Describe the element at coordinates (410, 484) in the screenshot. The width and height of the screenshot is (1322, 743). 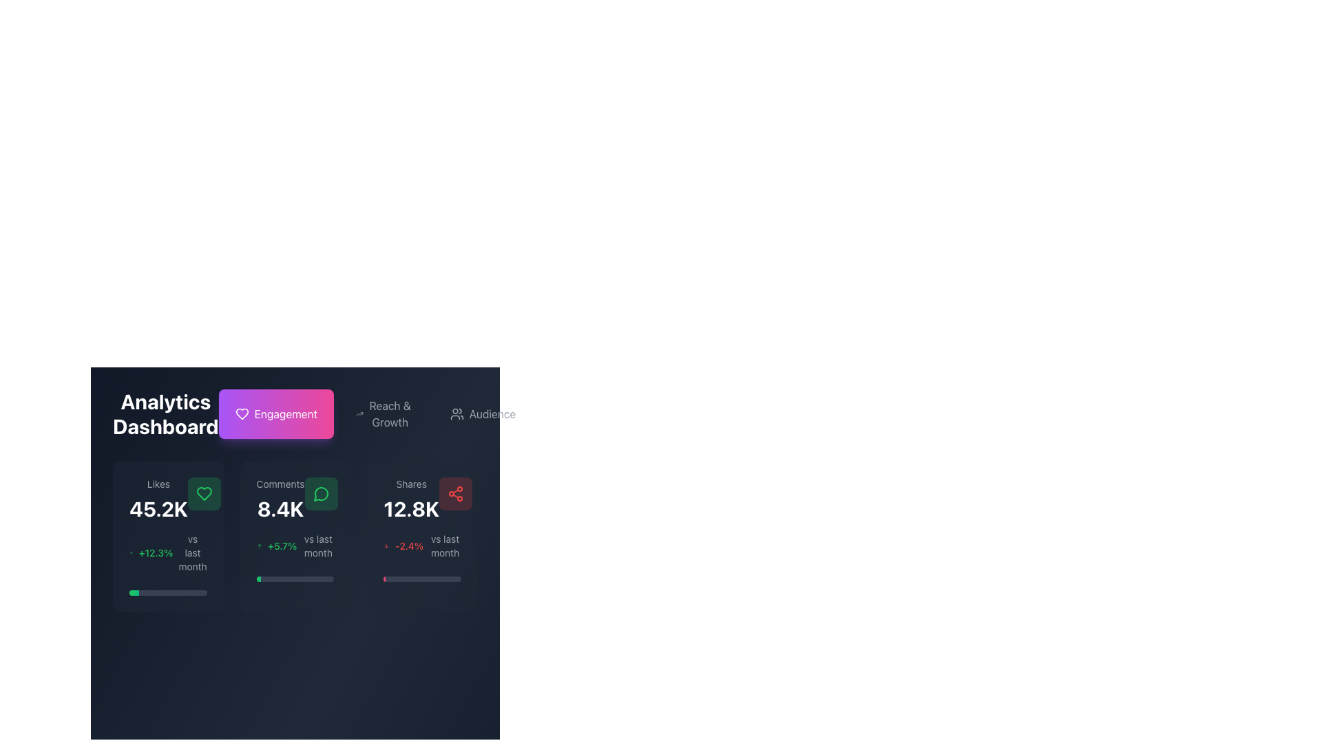
I see `the 'Shares' label, which is a smaller gray text positioned above the bold number '12.8K' in the third analytics card from the left` at that location.